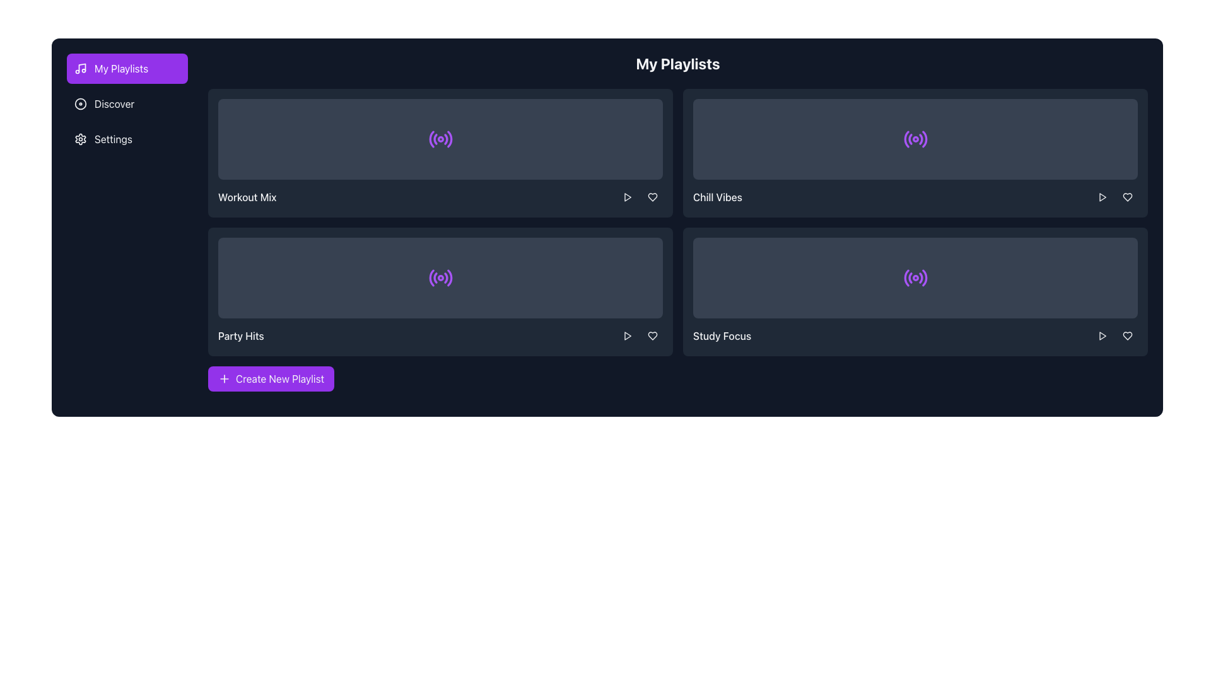 Image resolution: width=1211 pixels, height=681 pixels. What do you see at coordinates (127, 68) in the screenshot?
I see `the first navigational button in the left sidebar` at bounding box center [127, 68].